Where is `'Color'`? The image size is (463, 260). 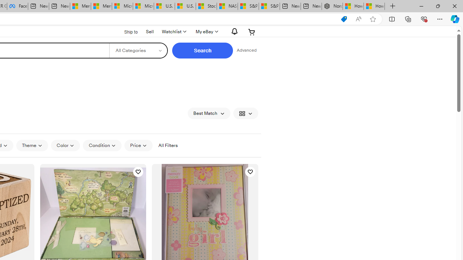 'Color' is located at coordinates (65, 146).